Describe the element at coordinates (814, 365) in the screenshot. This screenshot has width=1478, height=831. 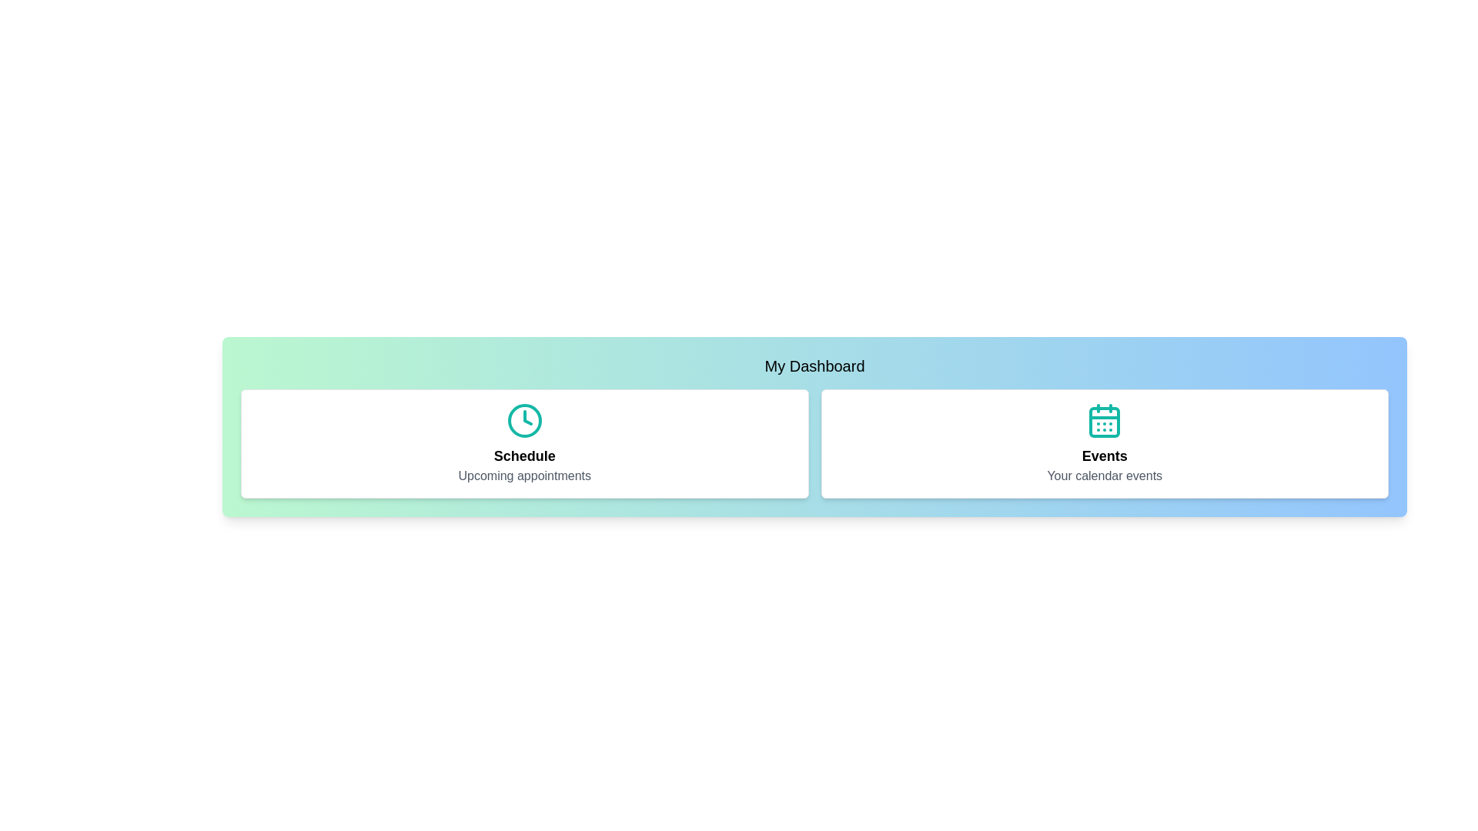
I see `the 'My Dashboard' text label, which is a large, bold font element centrally positioned in the header section of the dashboard interface` at that location.